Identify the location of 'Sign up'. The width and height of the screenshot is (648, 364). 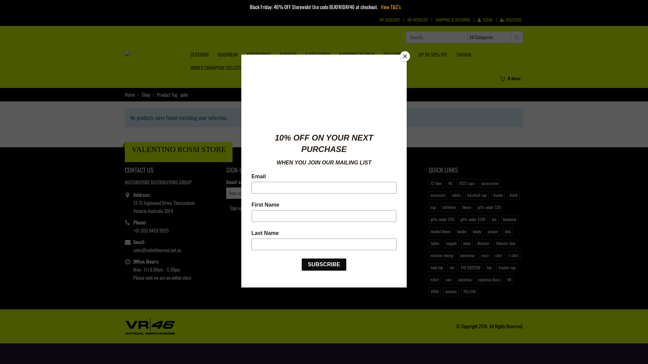
(236, 208).